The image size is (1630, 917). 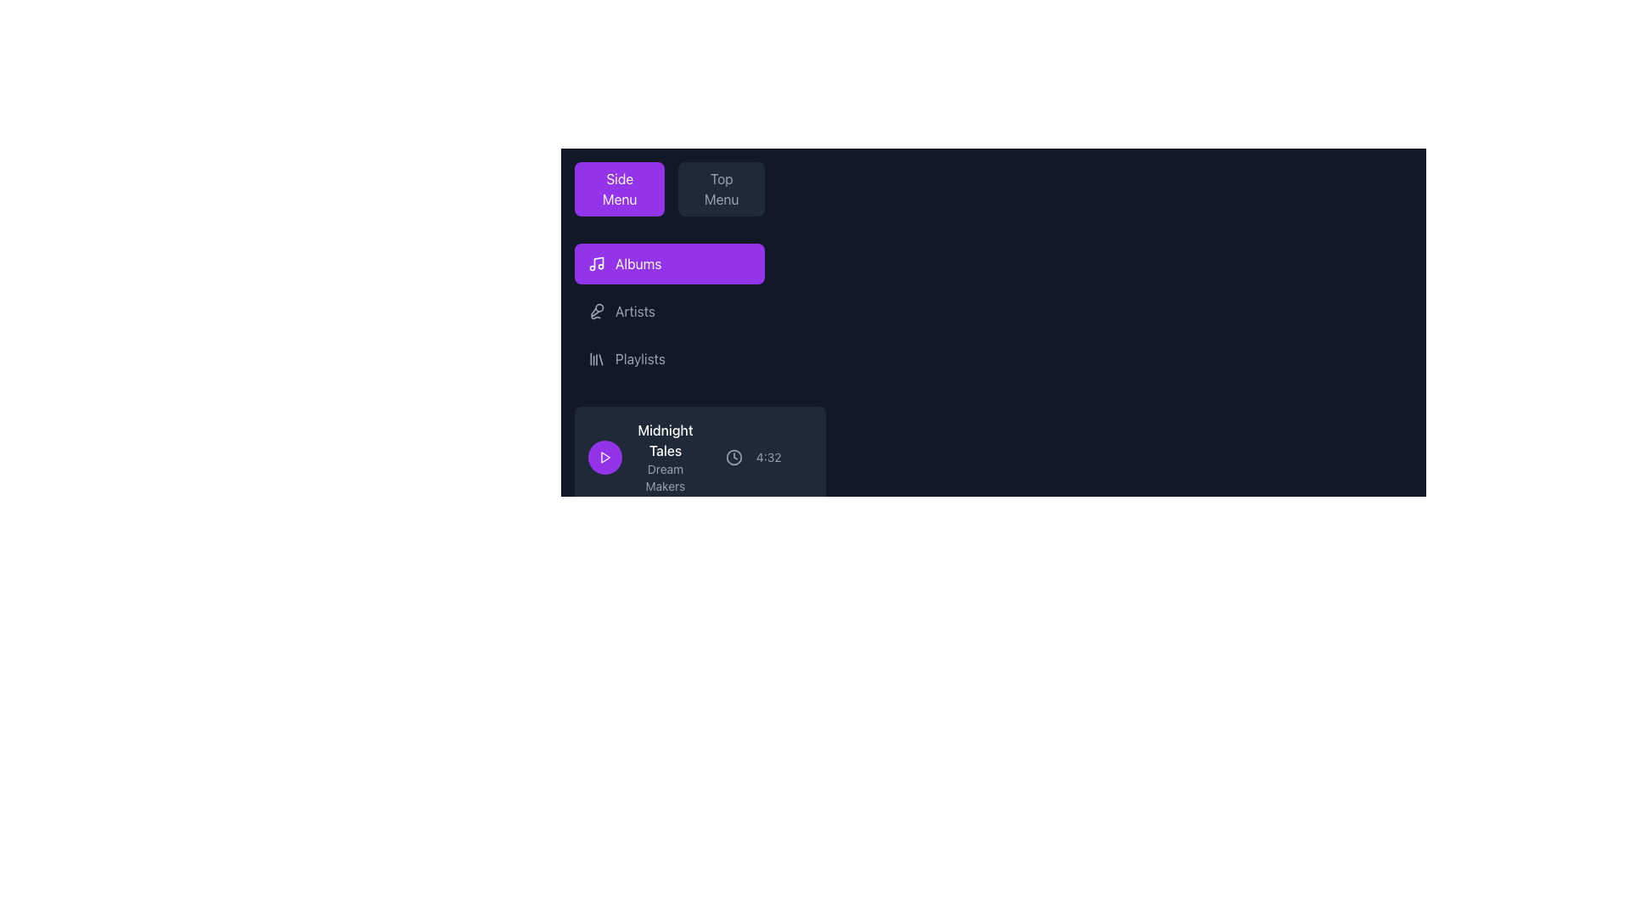 I want to click on the 'Artists' menu item located in the upper portion of the sidebar, which is the second option in a stacked grouping of three menu items, so click(x=668, y=311).